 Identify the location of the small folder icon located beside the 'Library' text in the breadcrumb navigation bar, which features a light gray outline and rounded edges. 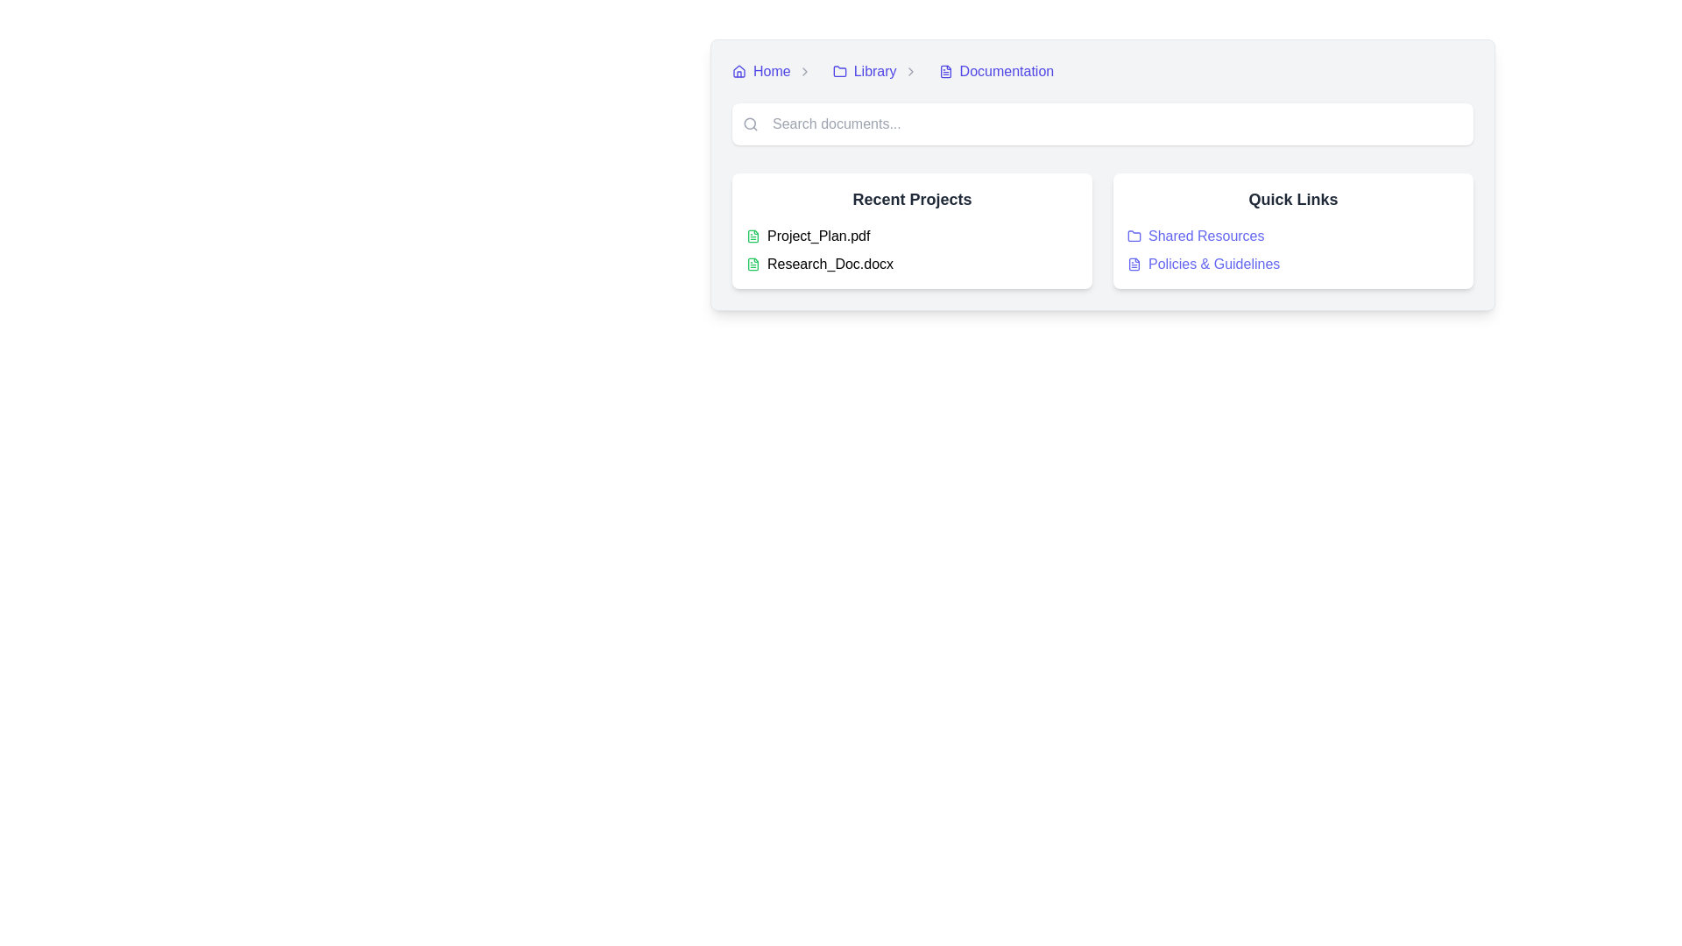
(838, 70).